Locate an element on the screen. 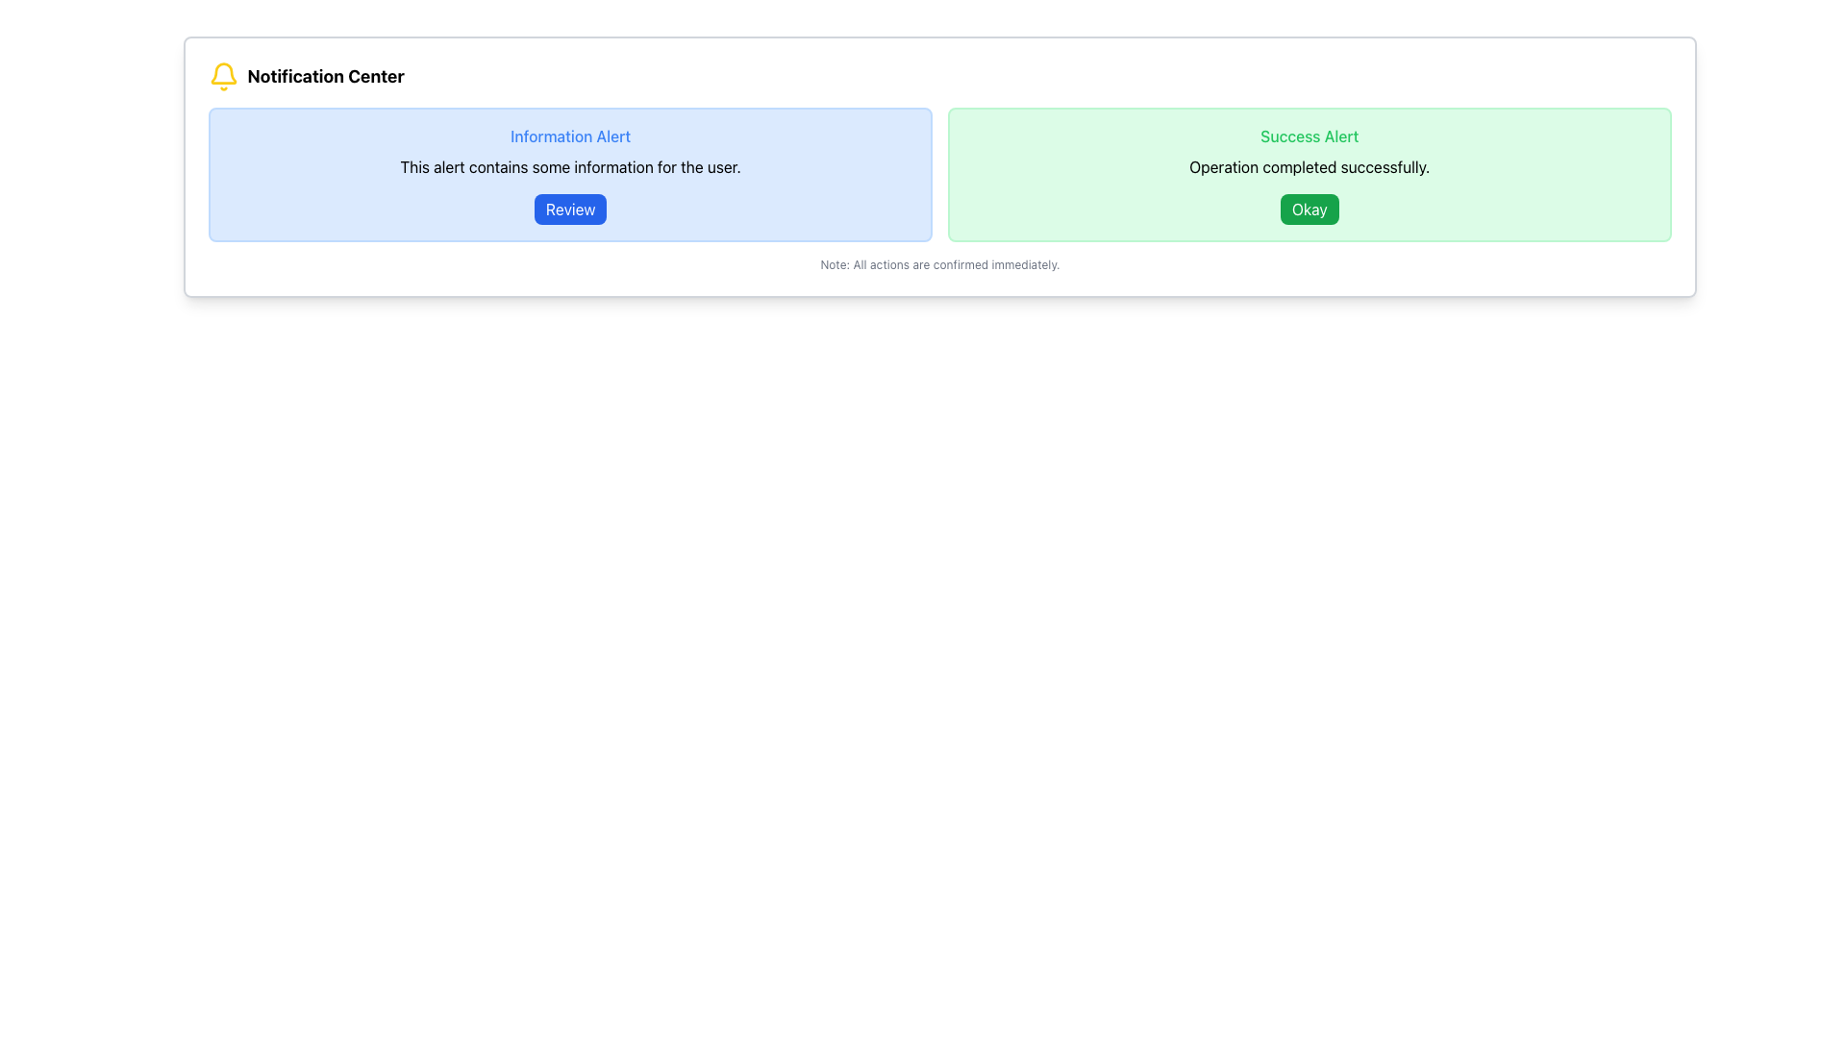 The width and height of the screenshot is (1846, 1038). the static text displaying 'Note: All actions are confirmed immediately.' at the bottom of the notification panel is located at coordinates (940, 265).